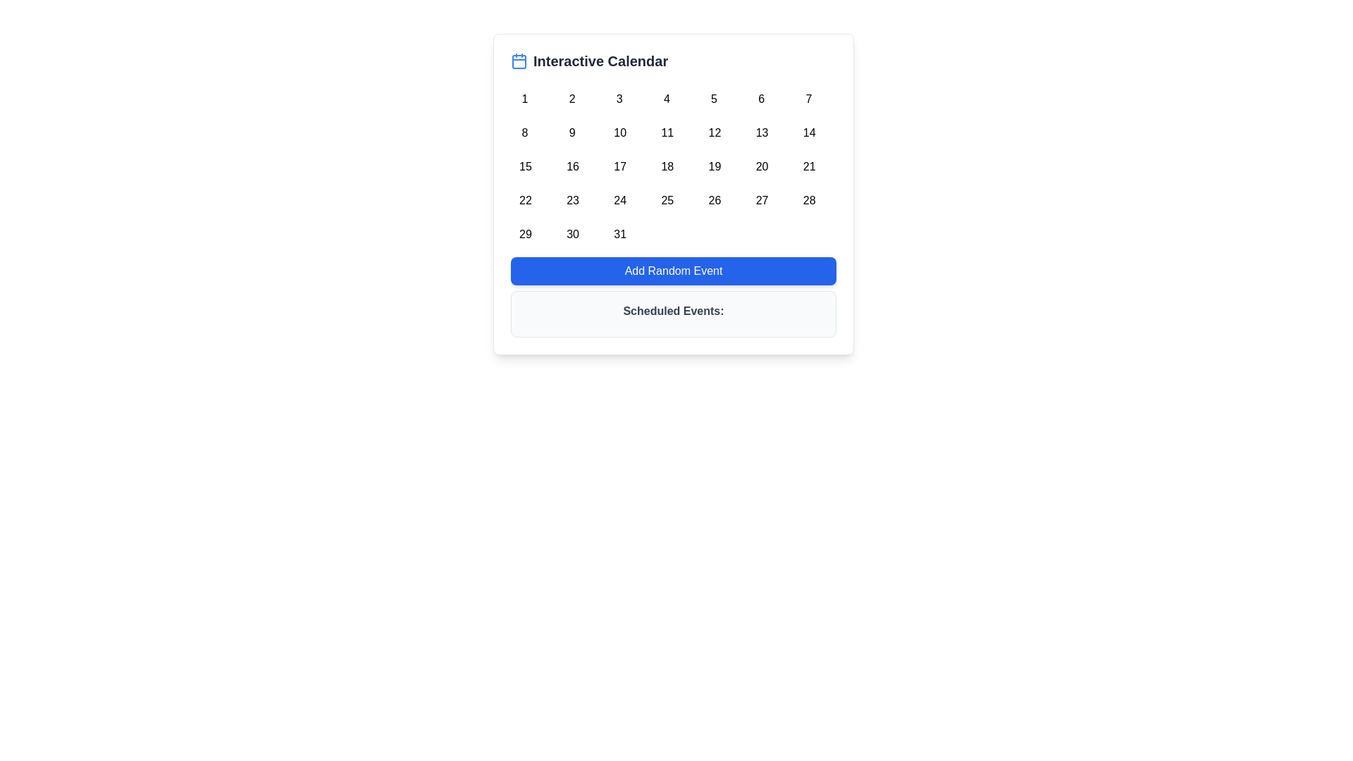 The height and width of the screenshot is (761, 1353). I want to click on the rounded rectangular button labeled '13' in the calendar layout, so click(760, 130).